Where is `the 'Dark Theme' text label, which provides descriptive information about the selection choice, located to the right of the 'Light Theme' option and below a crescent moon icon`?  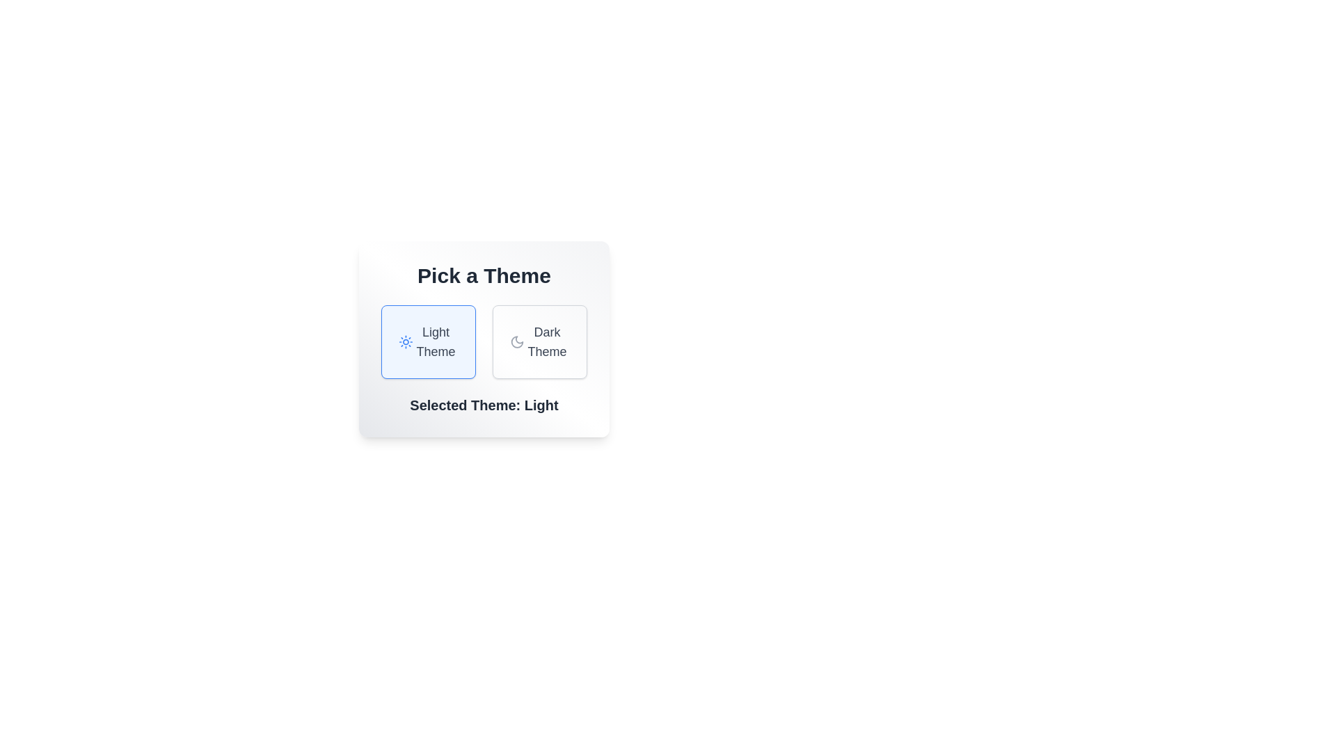 the 'Dark Theme' text label, which provides descriptive information about the selection choice, located to the right of the 'Light Theme' option and below a crescent moon icon is located at coordinates (546, 342).